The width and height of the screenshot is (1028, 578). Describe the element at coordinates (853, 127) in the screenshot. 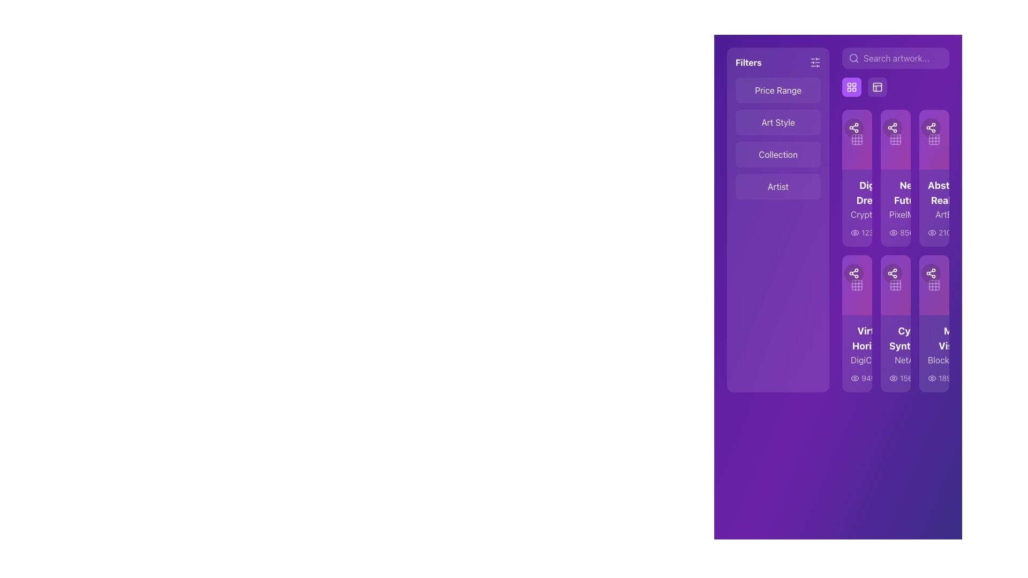

I see `the icon button featuring three circular nodes connected by lines, resembling a share symbol, which is located at the top-left section of the grid of icons` at that location.